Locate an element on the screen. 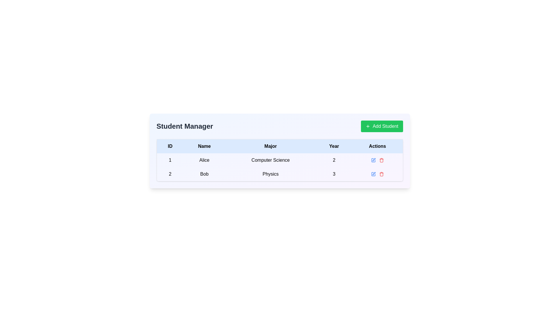 The width and height of the screenshot is (558, 313). the 'Actions' text label, which is the rightmost column header in the table containing 'ID', 'Name', 'Major', 'Year', and 'Actions' is located at coordinates (378, 146).